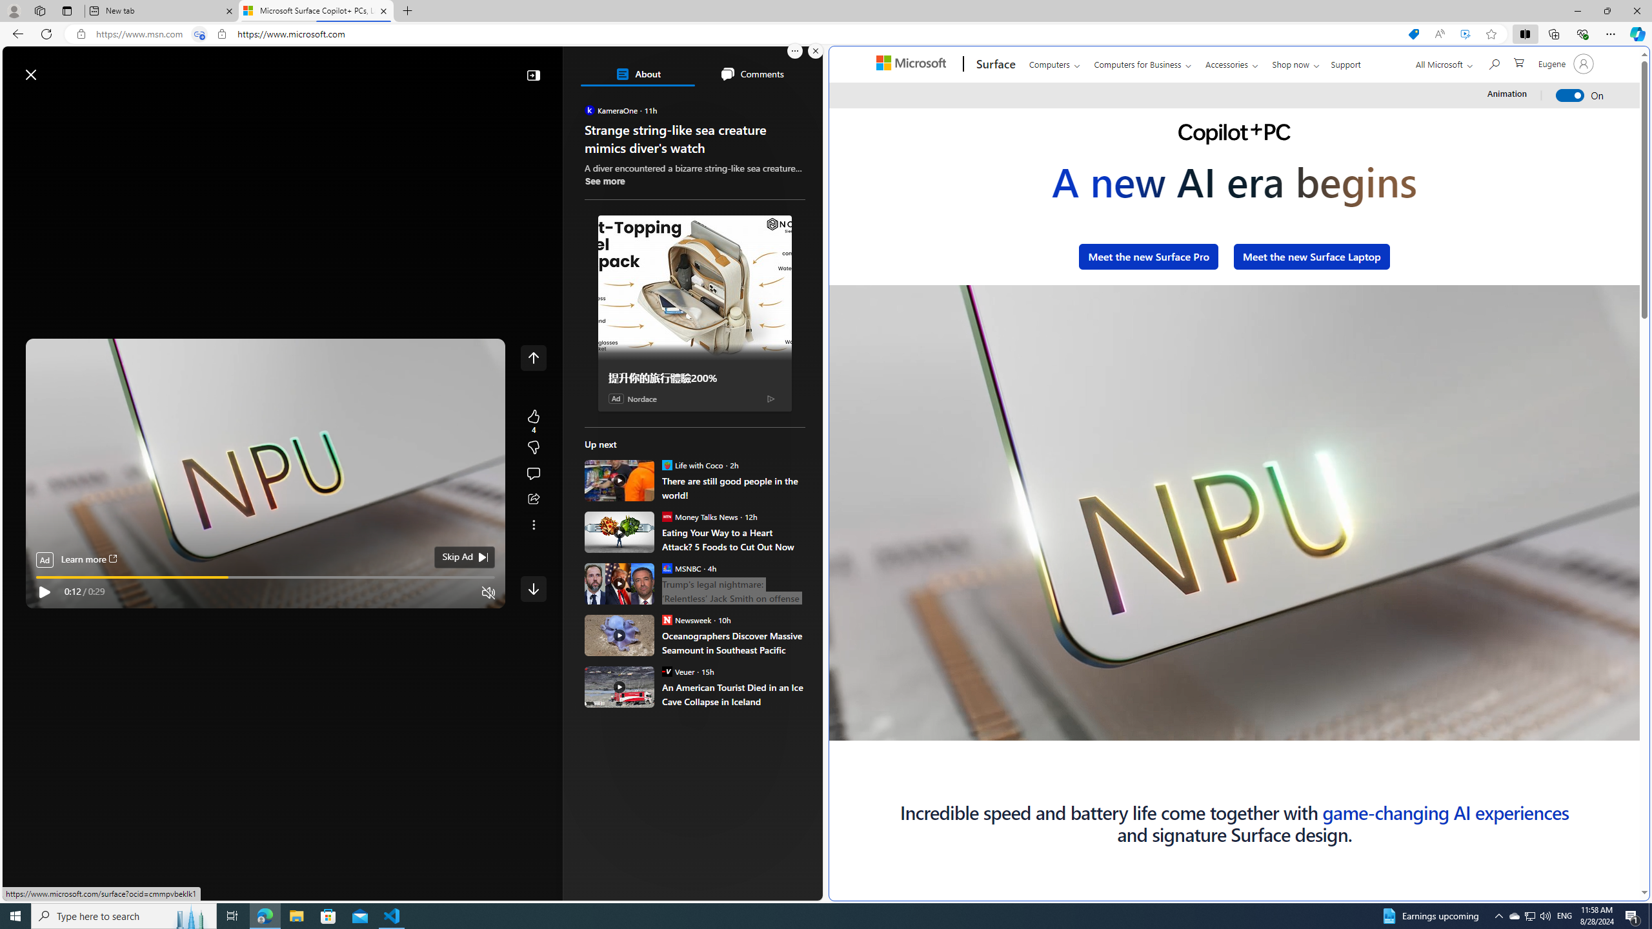 The image size is (1652, 929). What do you see at coordinates (665, 619) in the screenshot?
I see `'Newsweek'` at bounding box center [665, 619].